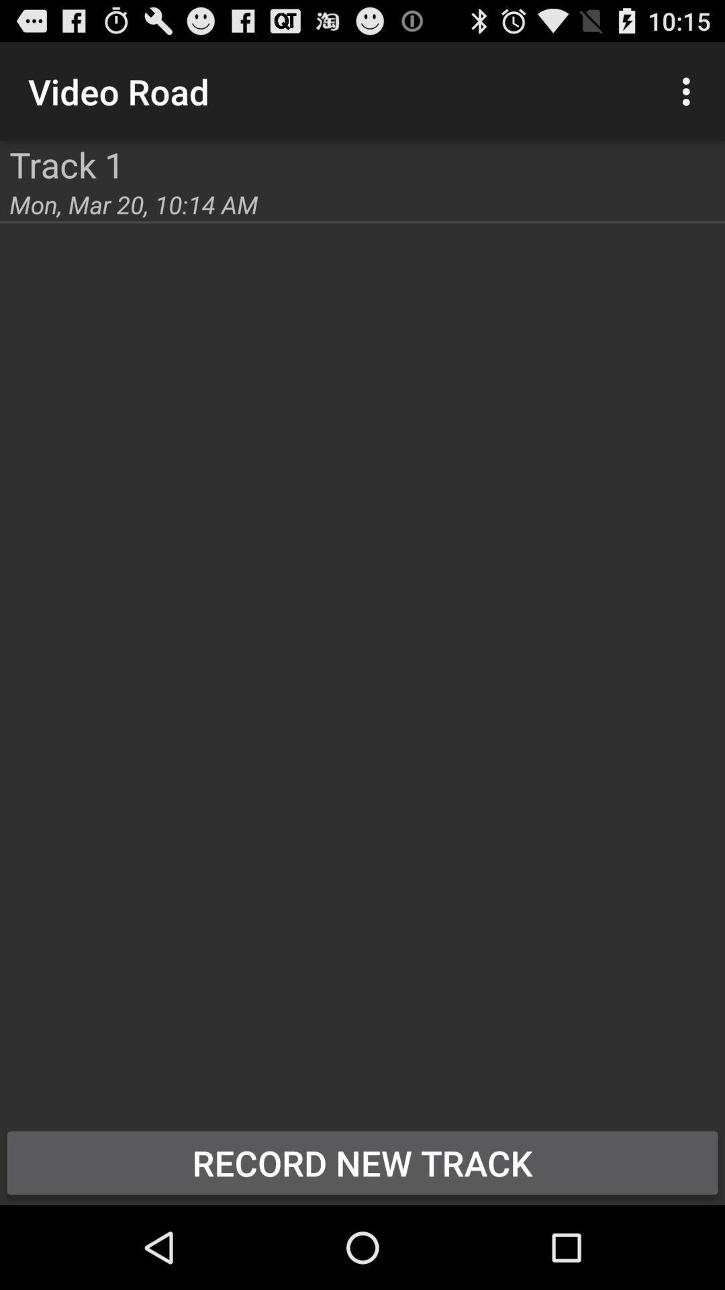  I want to click on the mon mar 20 app, so click(134, 204).